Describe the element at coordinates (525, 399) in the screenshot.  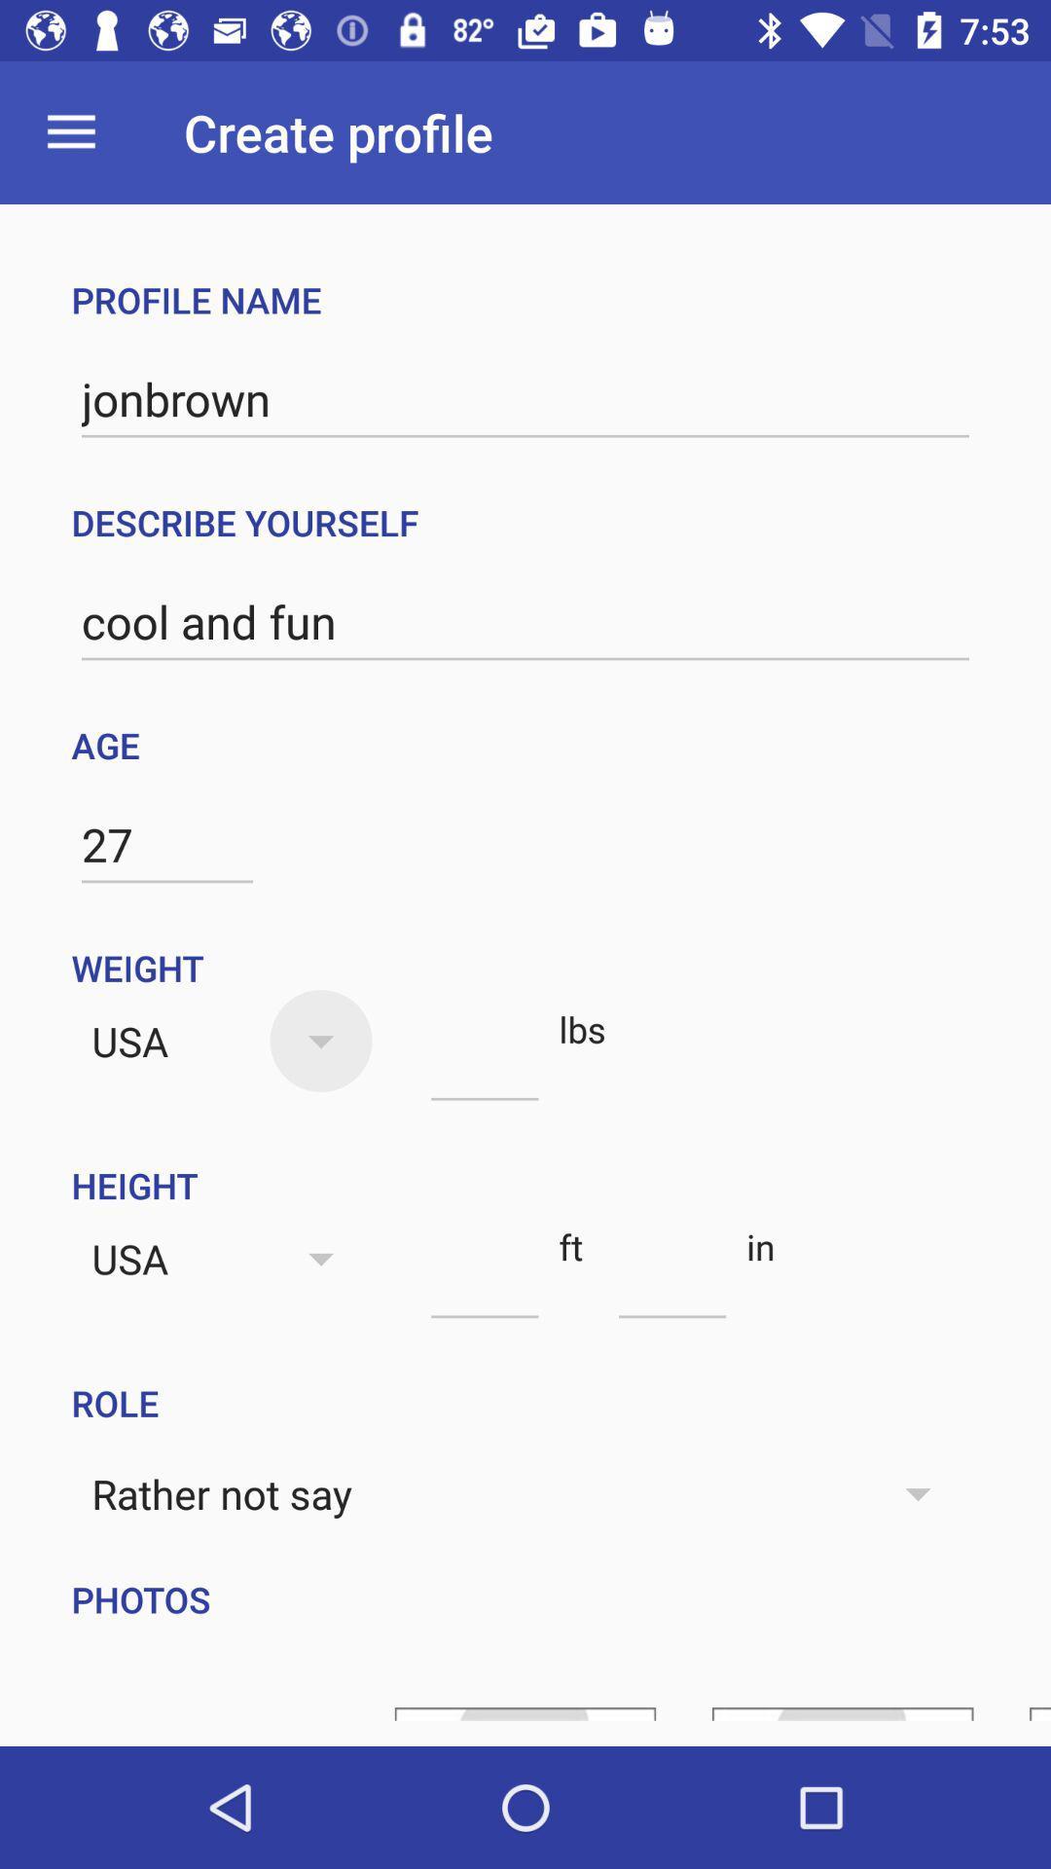
I see `the icon below profile name icon` at that location.